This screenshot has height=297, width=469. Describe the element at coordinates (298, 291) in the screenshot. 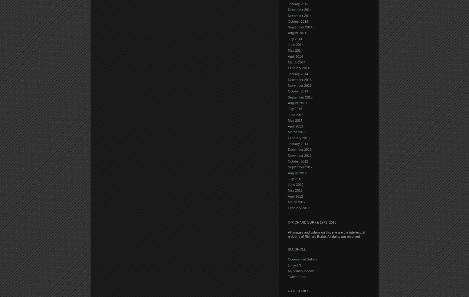

I see `'Categories'` at that location.